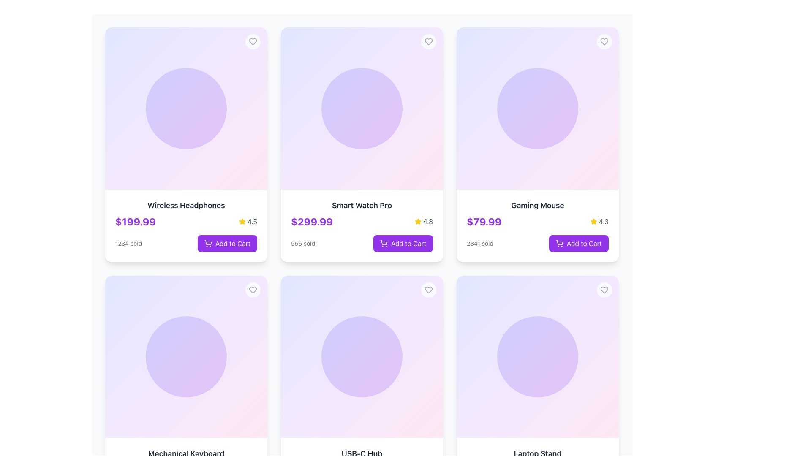  Describe the element at coordinates (578, 244) in the screenshot. I see `the 'Add to Cart' button for the 'Gaming Mouse' product, located at the bottom of the third card in the grid` at that location.